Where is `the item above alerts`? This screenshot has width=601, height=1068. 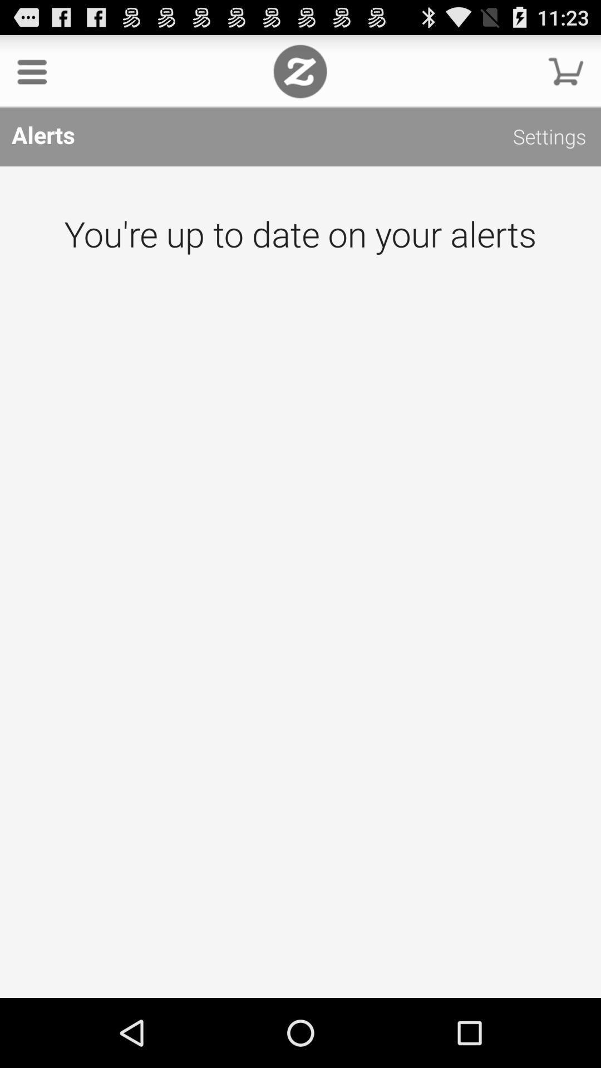
the item above alerts is located at coordinates (566, 71).